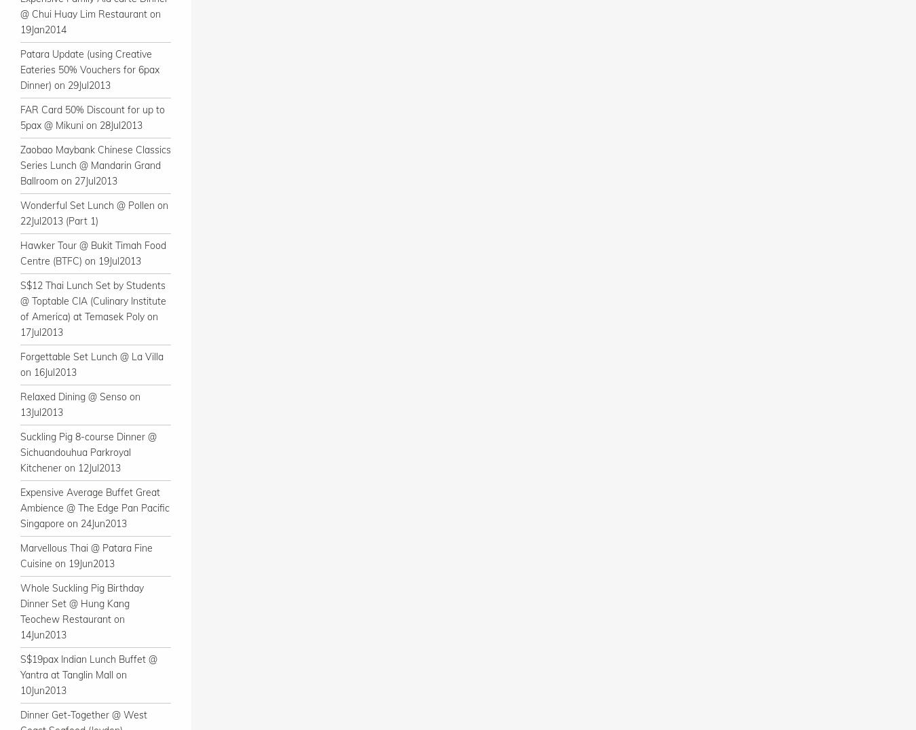  I want to click on 'Suckling Pig 8-course Dinner @ Sichuandouhua Parkroyal Kitchener on 12Jul2013', so click(88, 452).